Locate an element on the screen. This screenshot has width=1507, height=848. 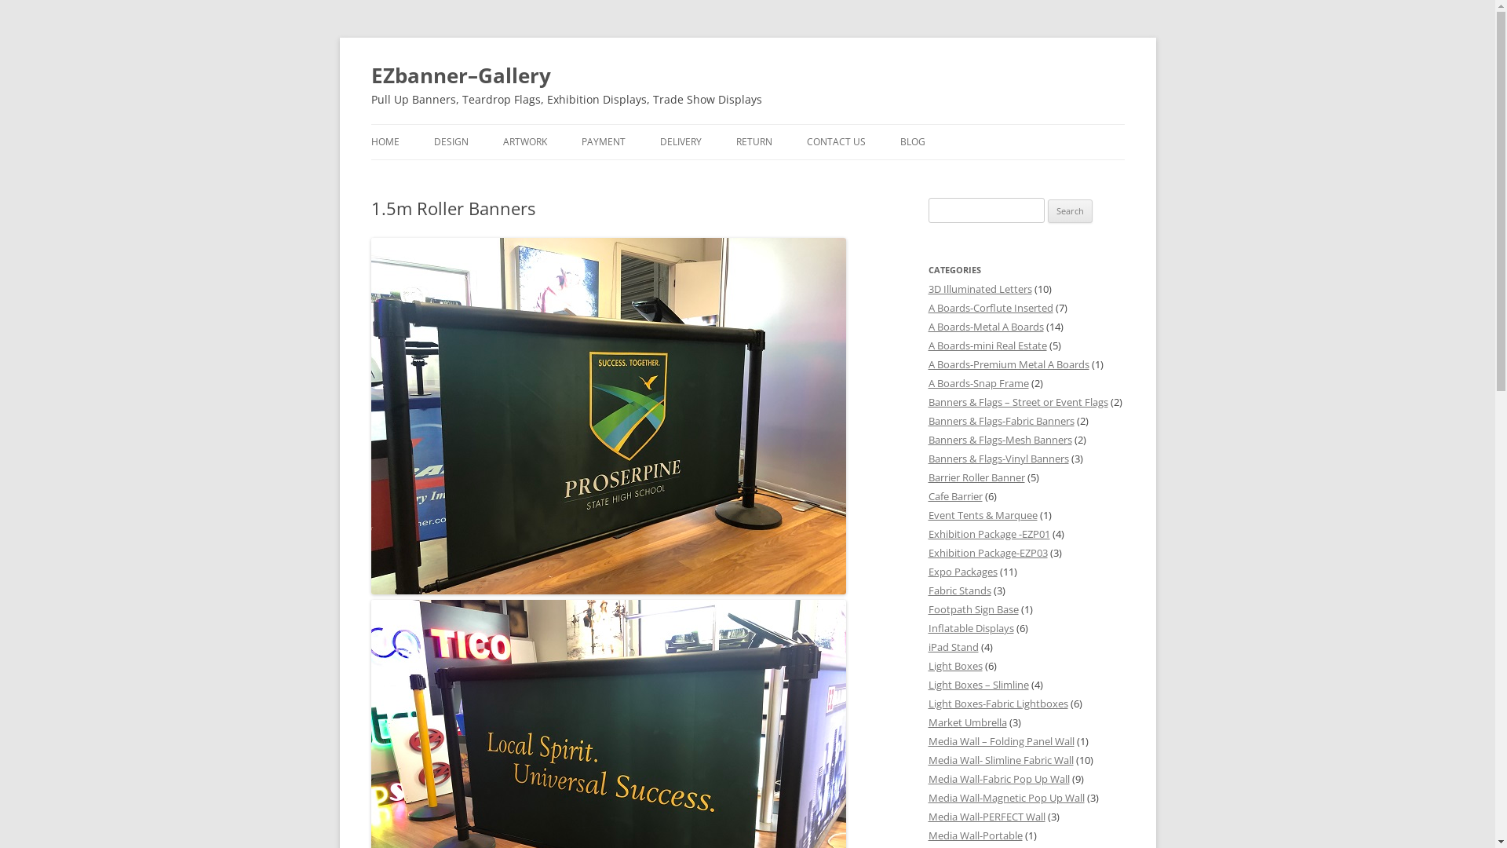
'A Boards-Snap Frame' is located at coordinates (977, 383).